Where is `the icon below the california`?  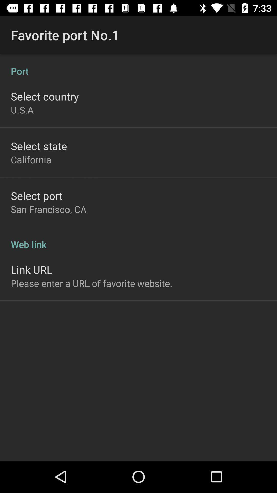 the icon below the california is located at coordinates (36, 195).